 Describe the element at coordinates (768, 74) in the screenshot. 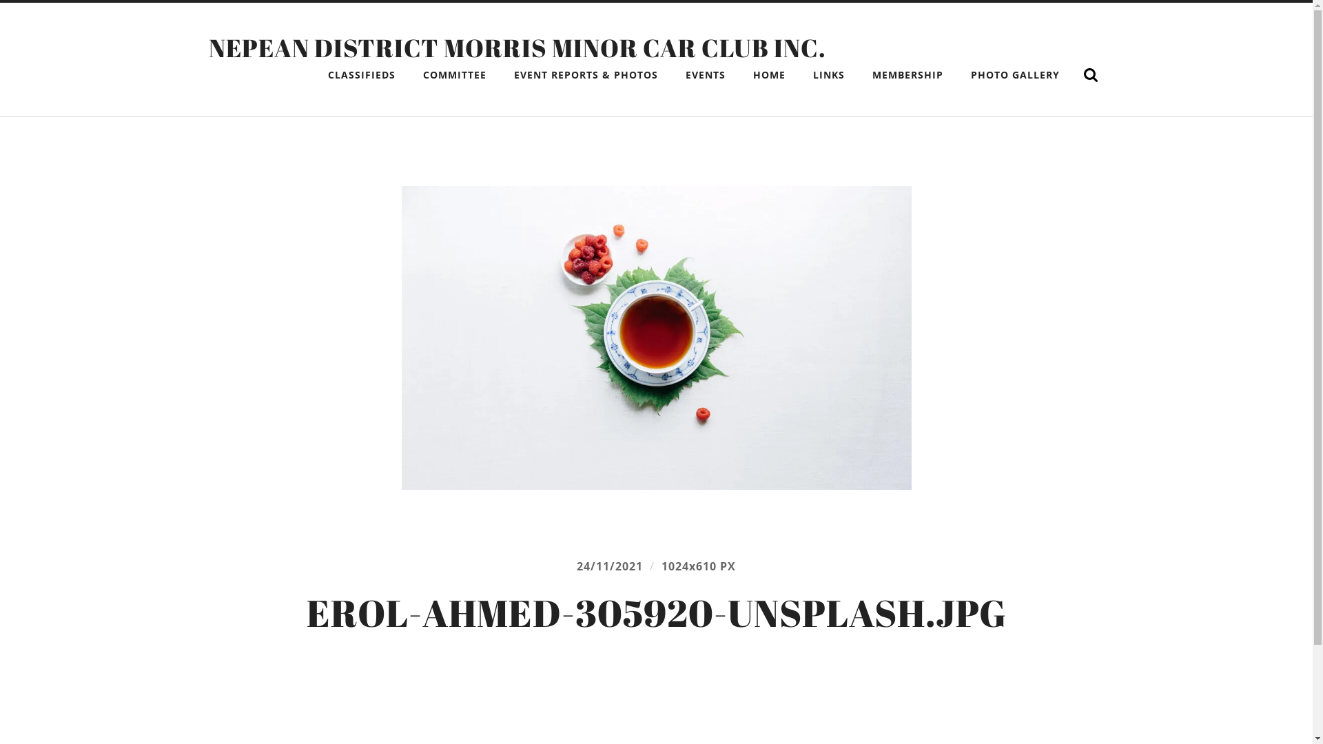

I see `'HOME'` at that location.